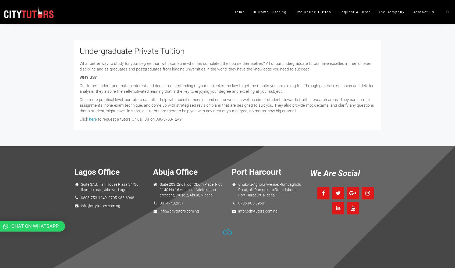 The image size is (455, 268). What do you see at coordinates (79, 105) in the screenshot?
I see `'On a more practical level, our tutors can offer help with specific modules and coursework, as well as direct students towards fruitful research areas. They can correct assignments, hone exam technique, and come up with strategised revision plans that are designed to suit you. They also provide mock exams, and clarify any questions that a student might have. In short, our tutors are there to help you with any area of your degree, no matter how big or small.'` at bounding box center [79, 105].